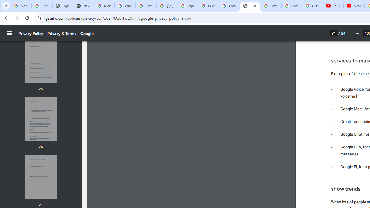 This screenshot has width=370, height=208. What do you see at coordinates (357, 33) in the screenshot?
I see `'Zoom out'` at bounding box center [357, 33].